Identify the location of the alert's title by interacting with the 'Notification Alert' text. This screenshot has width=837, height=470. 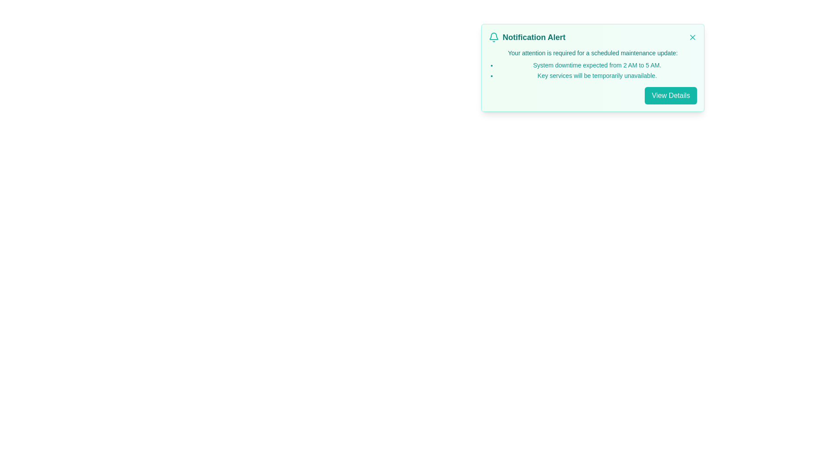
(533, 37).